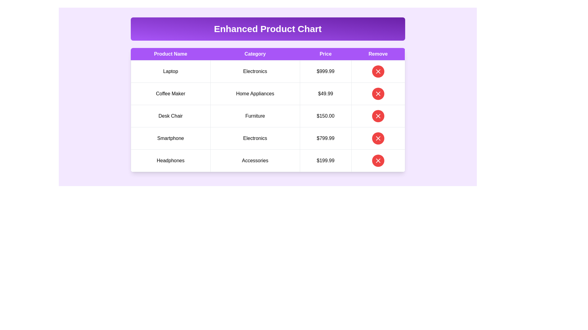 The width and height of the screenshot is (588, 330). I want to click on the table cell containing the text 'Laptop', which is styled with padding and borders, located under the column header 'Product Name' in the first row of the table, so click(171, 71).